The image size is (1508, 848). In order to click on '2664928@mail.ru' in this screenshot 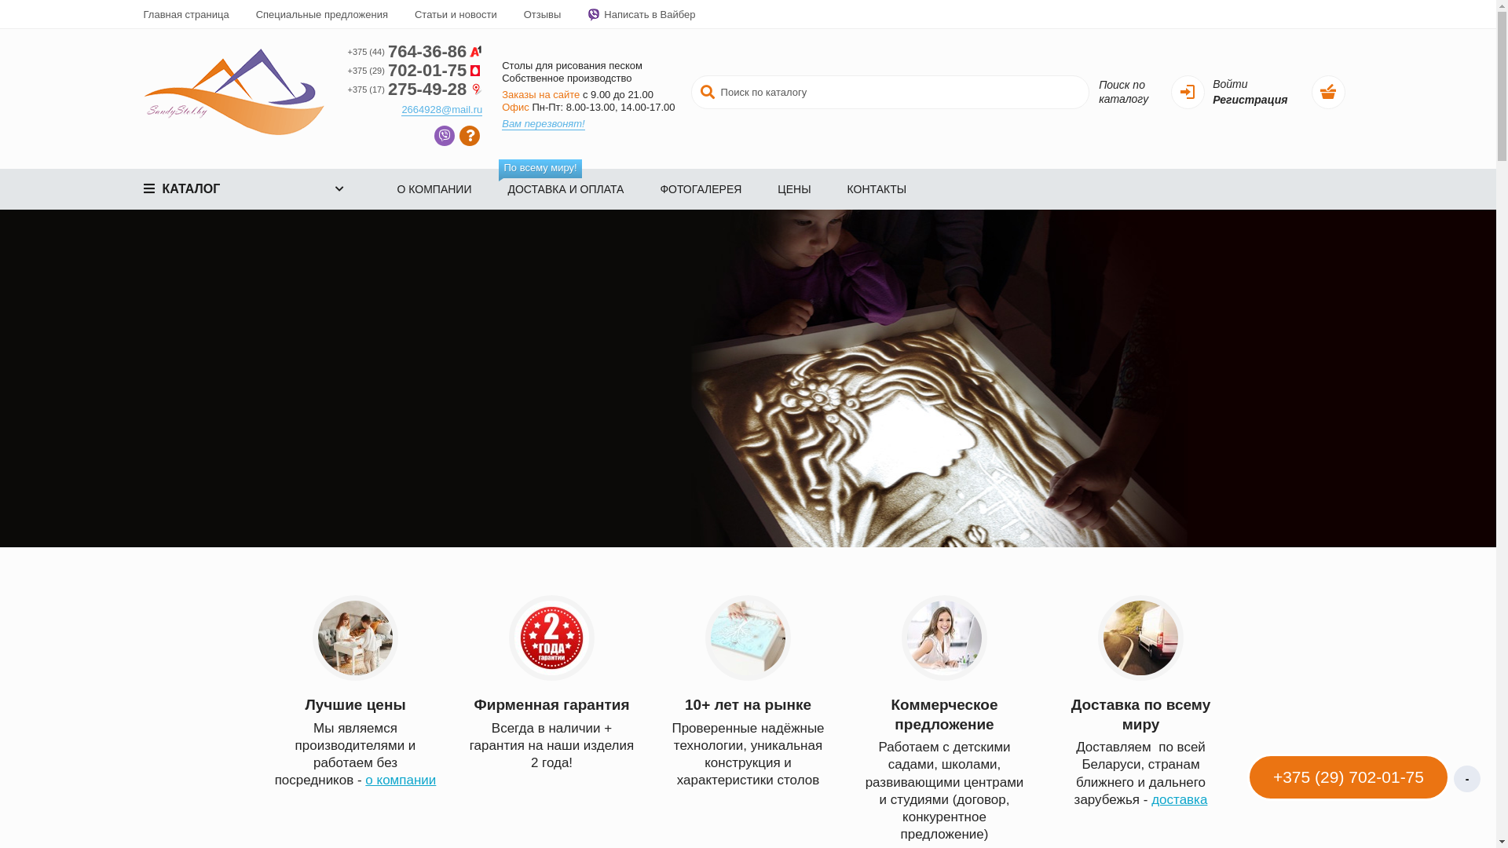, I will do `click(441, 108)`.